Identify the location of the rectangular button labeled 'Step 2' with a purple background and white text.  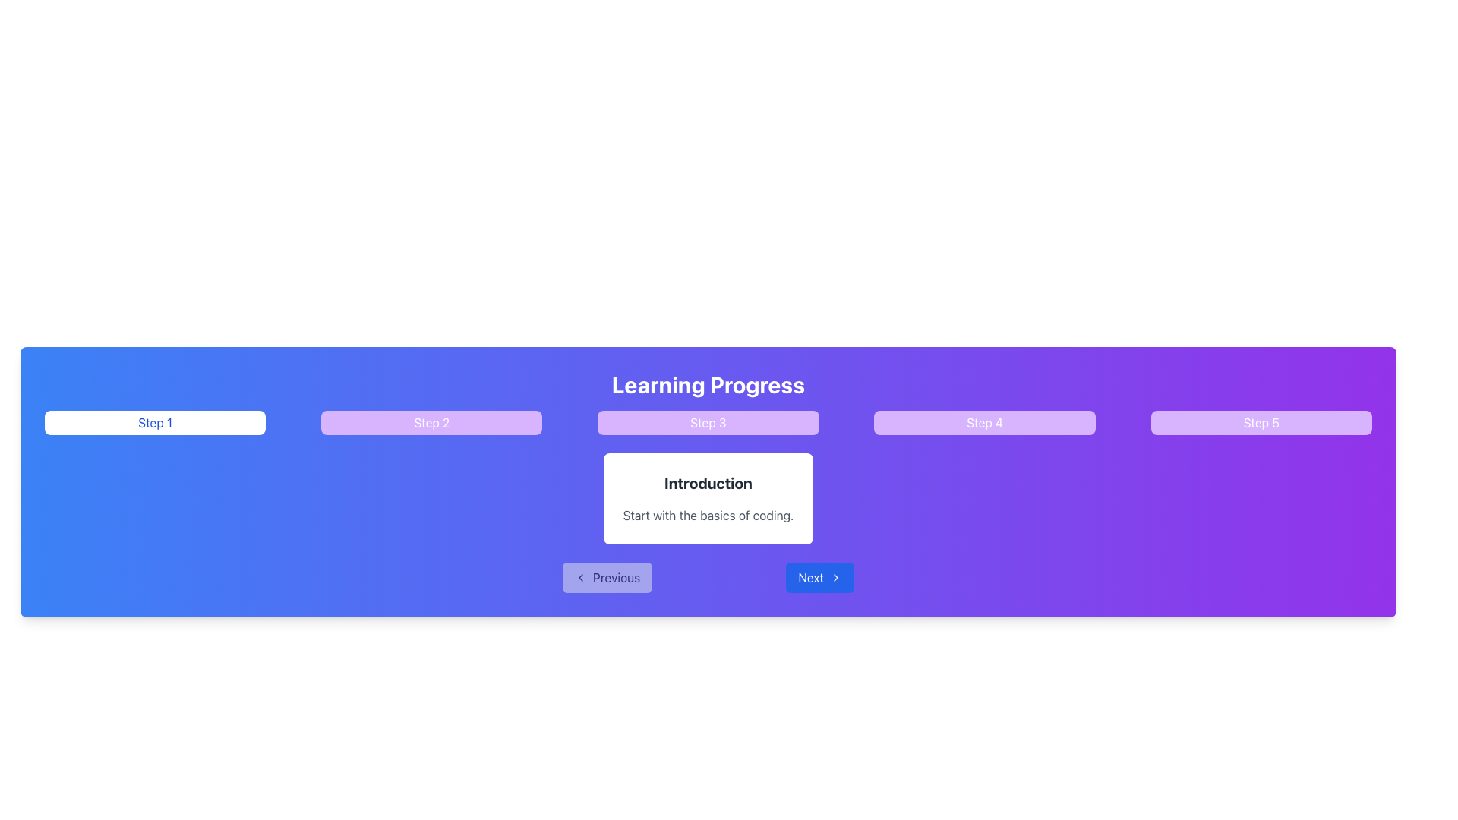
(431, 422).